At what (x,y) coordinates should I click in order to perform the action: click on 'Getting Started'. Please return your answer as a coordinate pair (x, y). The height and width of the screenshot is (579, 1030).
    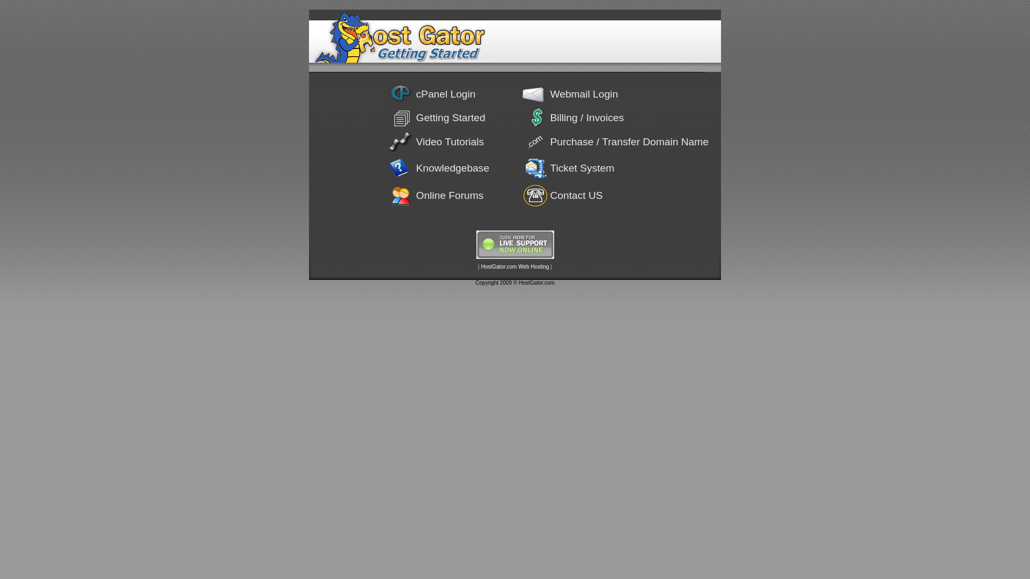
    Looking at the image, I should click on (451, 117).